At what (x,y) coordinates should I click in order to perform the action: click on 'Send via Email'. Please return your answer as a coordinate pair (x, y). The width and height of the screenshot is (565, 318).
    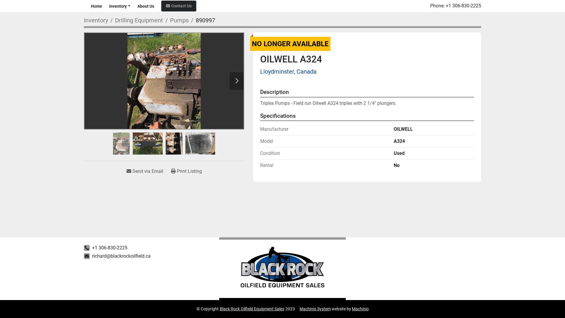
    Looking at the image, I should click on (144, 171).